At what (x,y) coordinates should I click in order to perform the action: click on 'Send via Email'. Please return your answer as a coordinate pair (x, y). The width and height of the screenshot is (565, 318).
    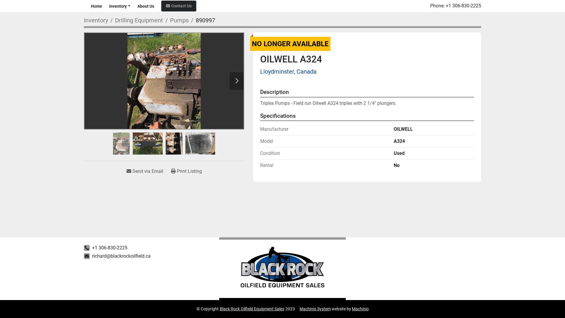
    Looking at the image, I should click on (144, 171).